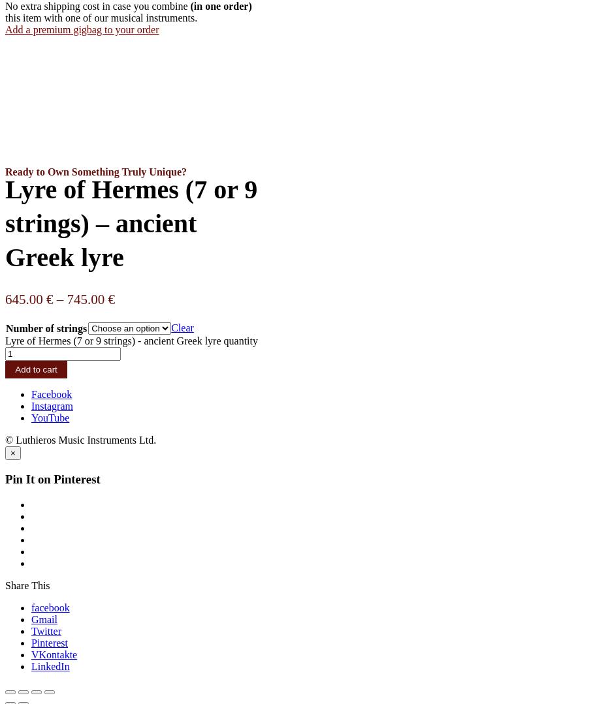 The width and height of the screenshot is (593, 704). I want to click on 'LinkedIn', so click(49, 666).